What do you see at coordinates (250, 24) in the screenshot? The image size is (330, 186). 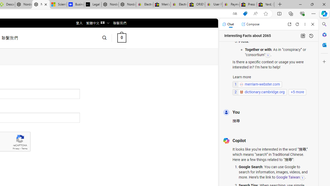 I see `'Compose'` at bounding box center [250, 24].